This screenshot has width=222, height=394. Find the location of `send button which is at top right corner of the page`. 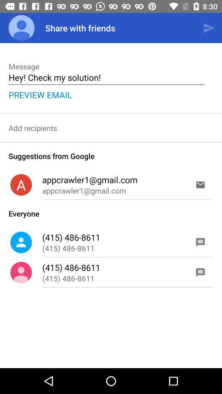

send button which is at top right corner of the page is located at coordinates (209, 28).